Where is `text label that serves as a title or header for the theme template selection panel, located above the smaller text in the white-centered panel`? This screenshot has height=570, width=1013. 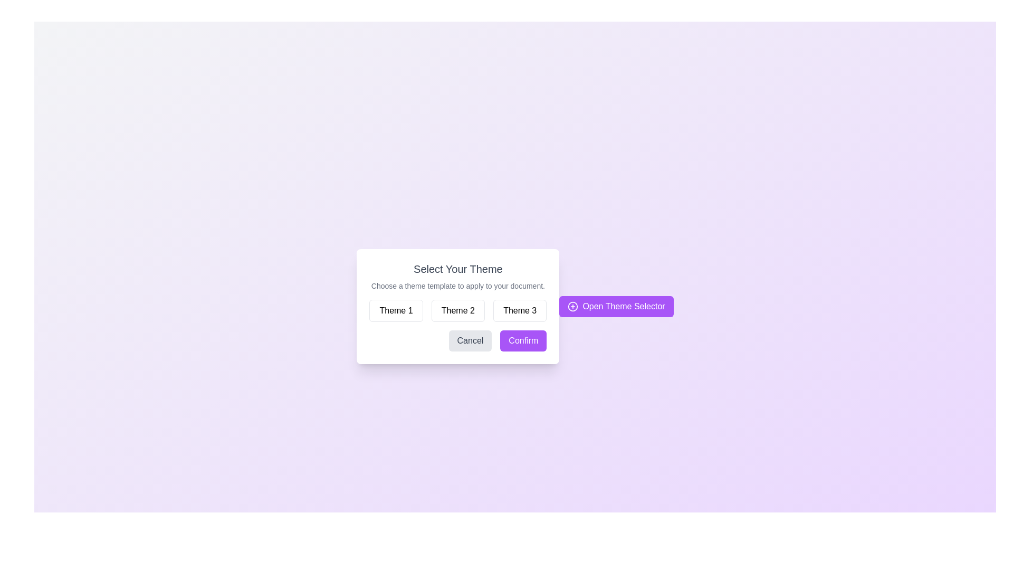
text label that serves as a title or header for the theme template selection panel, located above the smaller text in the white-centered panel is located at coordinates (458, 268).